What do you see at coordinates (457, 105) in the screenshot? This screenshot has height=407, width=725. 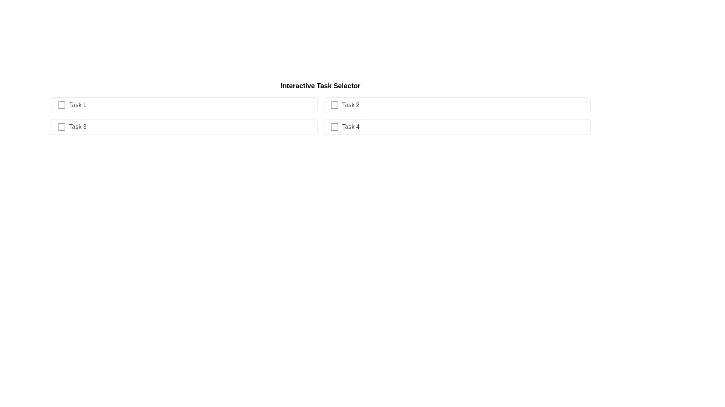 I see `the task item Task 2 to observe the hover effect` at bounding box center [457, 105].